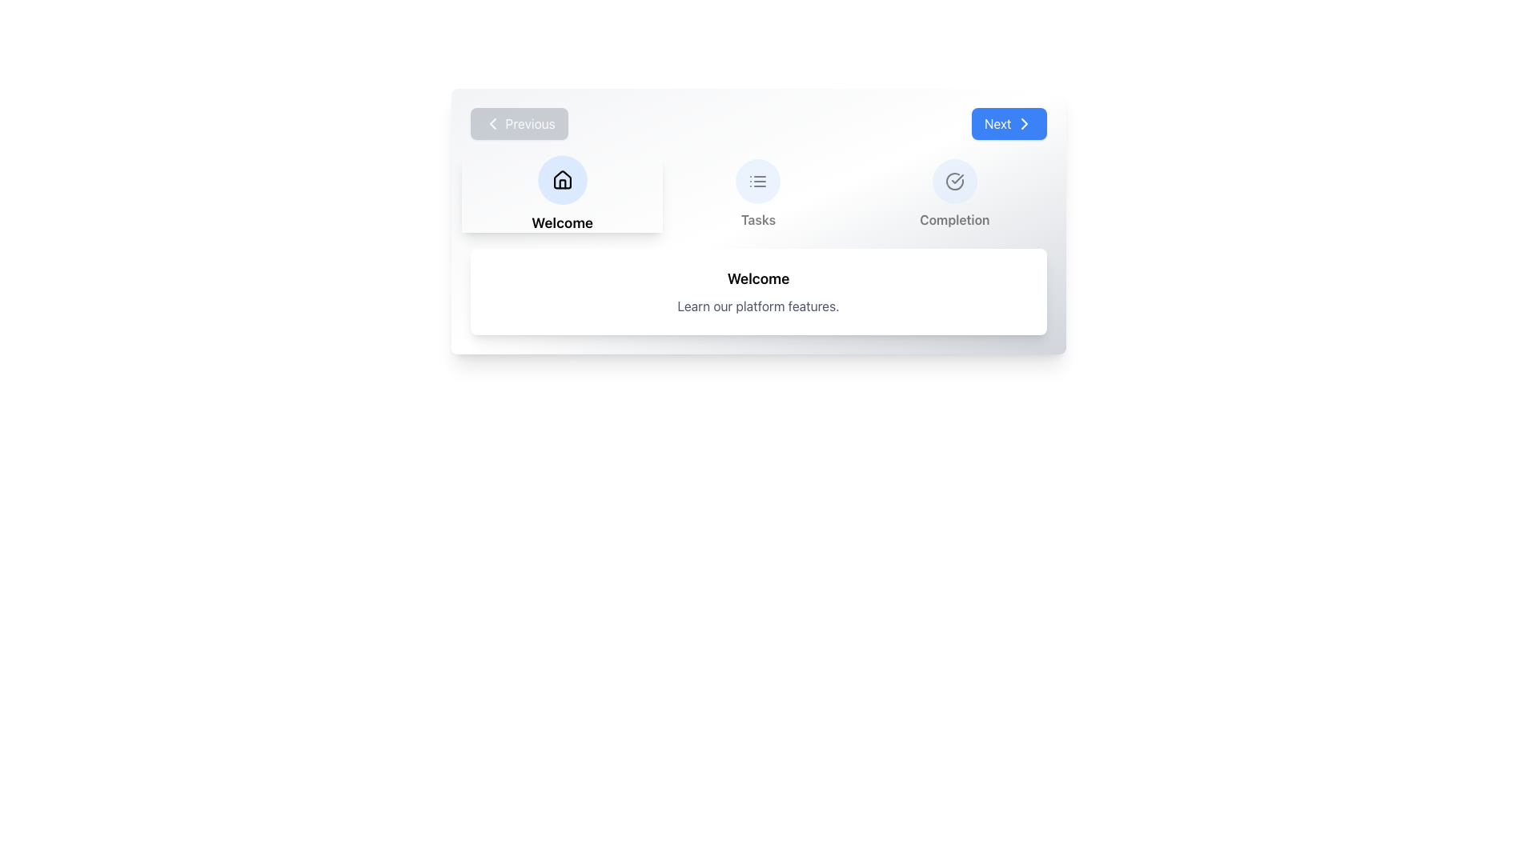 This screenshot has width=1537, height=864. I want to click on the backwards navigation icon labeled 'Previous' located in the top-left section of the interface to go back to the previous item or page, so click(492, 122).